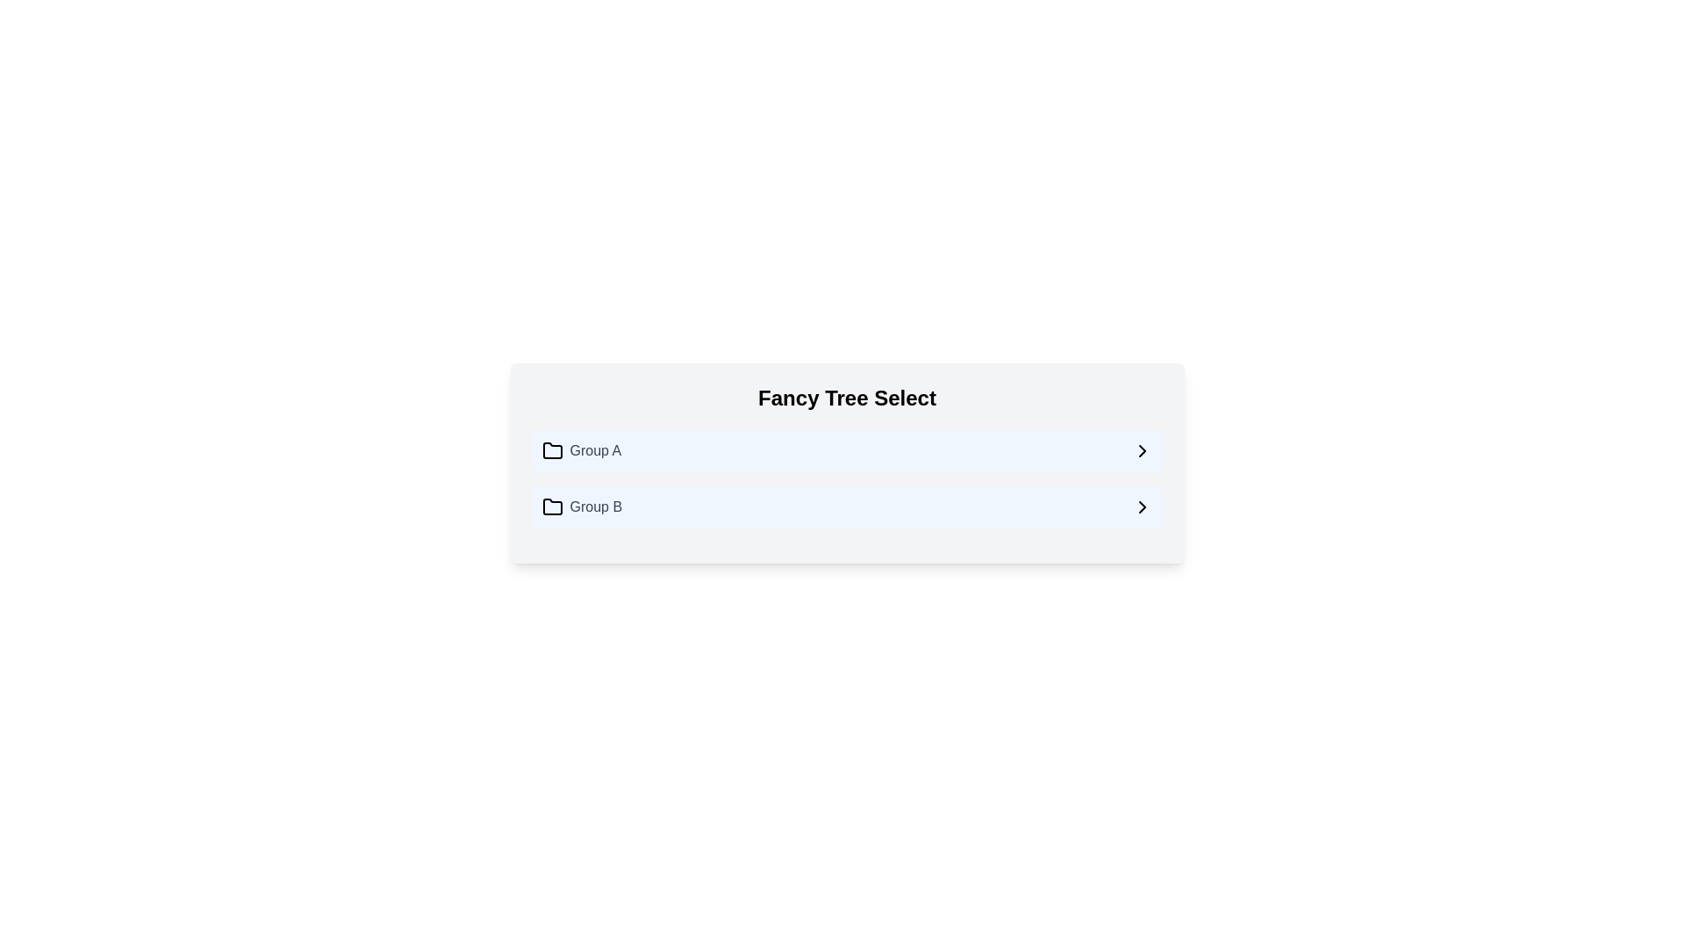 The width and height of the screenshot is (1685, 948). What do you see at coordinates (1142, 507) in the screenshot?
I see `the small right-facing arrow SVG icon located to the far-right of the 'Group B' label in the second row under the 'Fancy Tree Select' heading` at bounding box center [1142, 507].